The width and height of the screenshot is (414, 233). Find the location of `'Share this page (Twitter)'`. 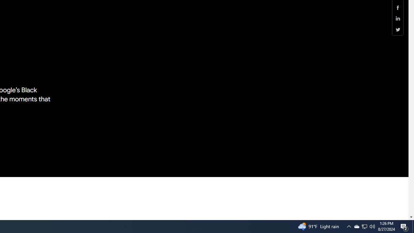

'Share this page (Twitter)' is located at coordinates (398, 29).